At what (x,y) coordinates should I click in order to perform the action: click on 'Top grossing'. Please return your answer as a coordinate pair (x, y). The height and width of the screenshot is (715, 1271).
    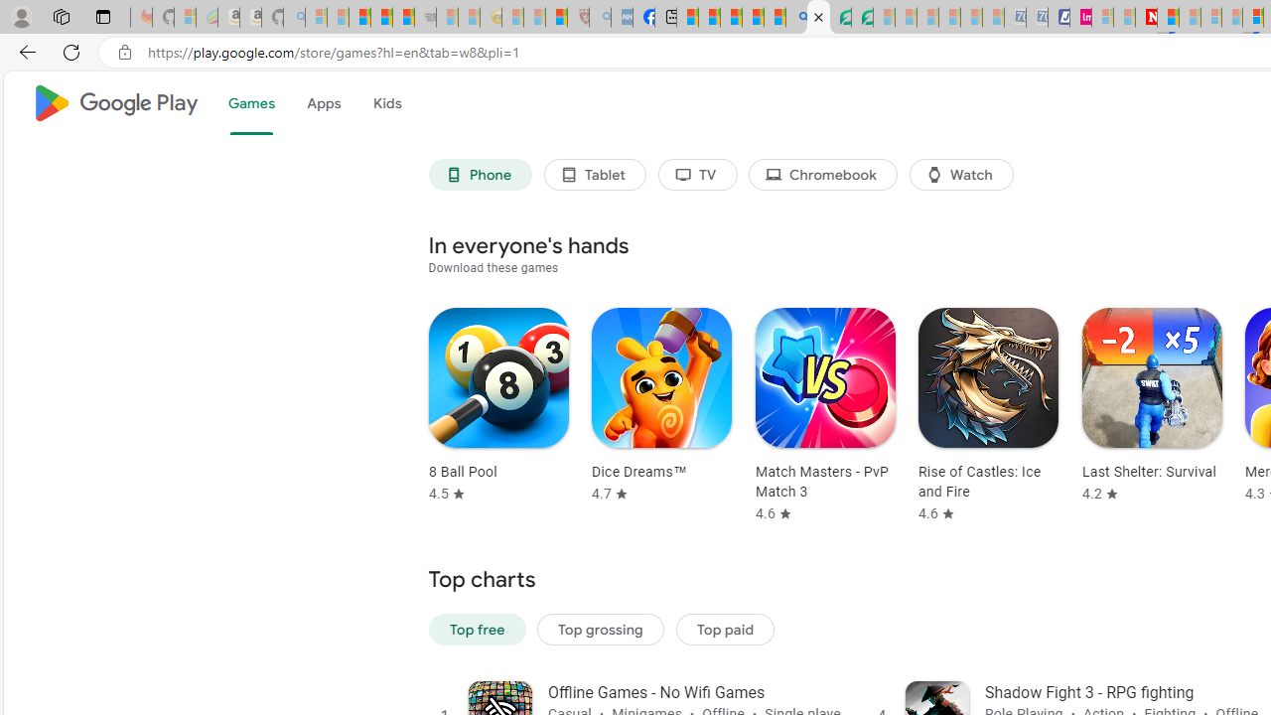
    Looking at the image, I should click on (600, 629).